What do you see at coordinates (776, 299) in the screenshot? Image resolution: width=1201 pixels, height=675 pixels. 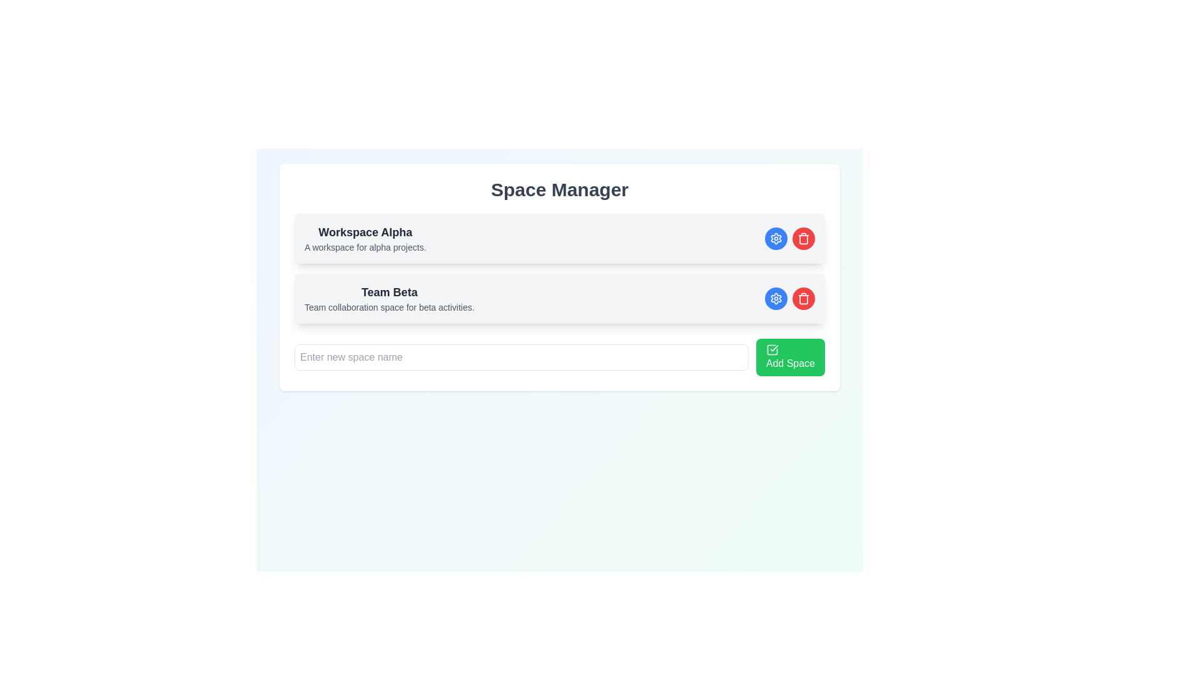 I see `the settings icon for 'Team Beta', which serves as a graphical component for accessing settings` at bounding box center [776, 299].